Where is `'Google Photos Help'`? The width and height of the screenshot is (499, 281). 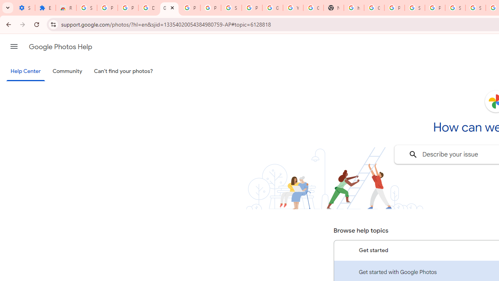 'Google Photos Help' is located at coordinates (60, 46).